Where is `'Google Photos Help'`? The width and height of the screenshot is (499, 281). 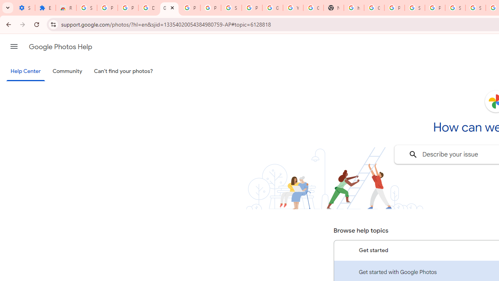 'Google Photos Help' is located at coordinates (60, 46).